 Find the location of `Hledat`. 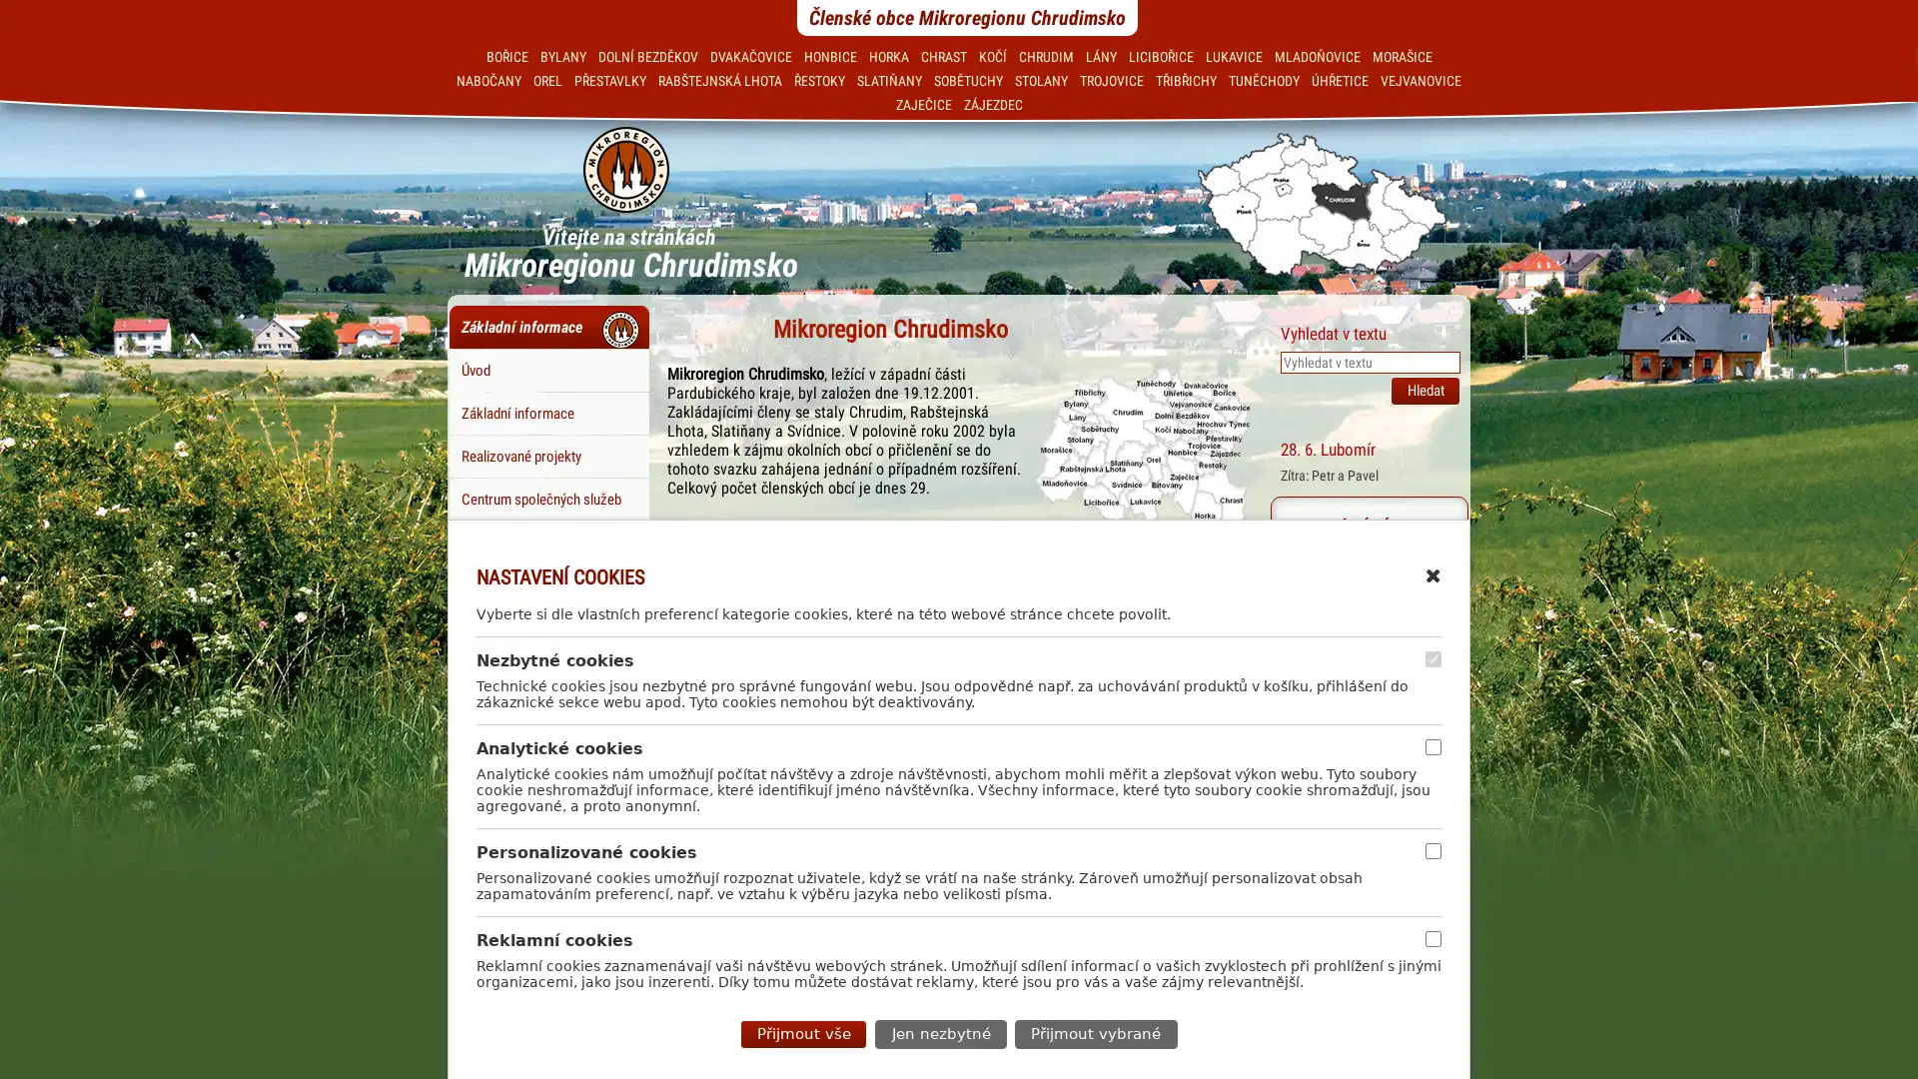

Hledat is located at coordinates (1424, 390).